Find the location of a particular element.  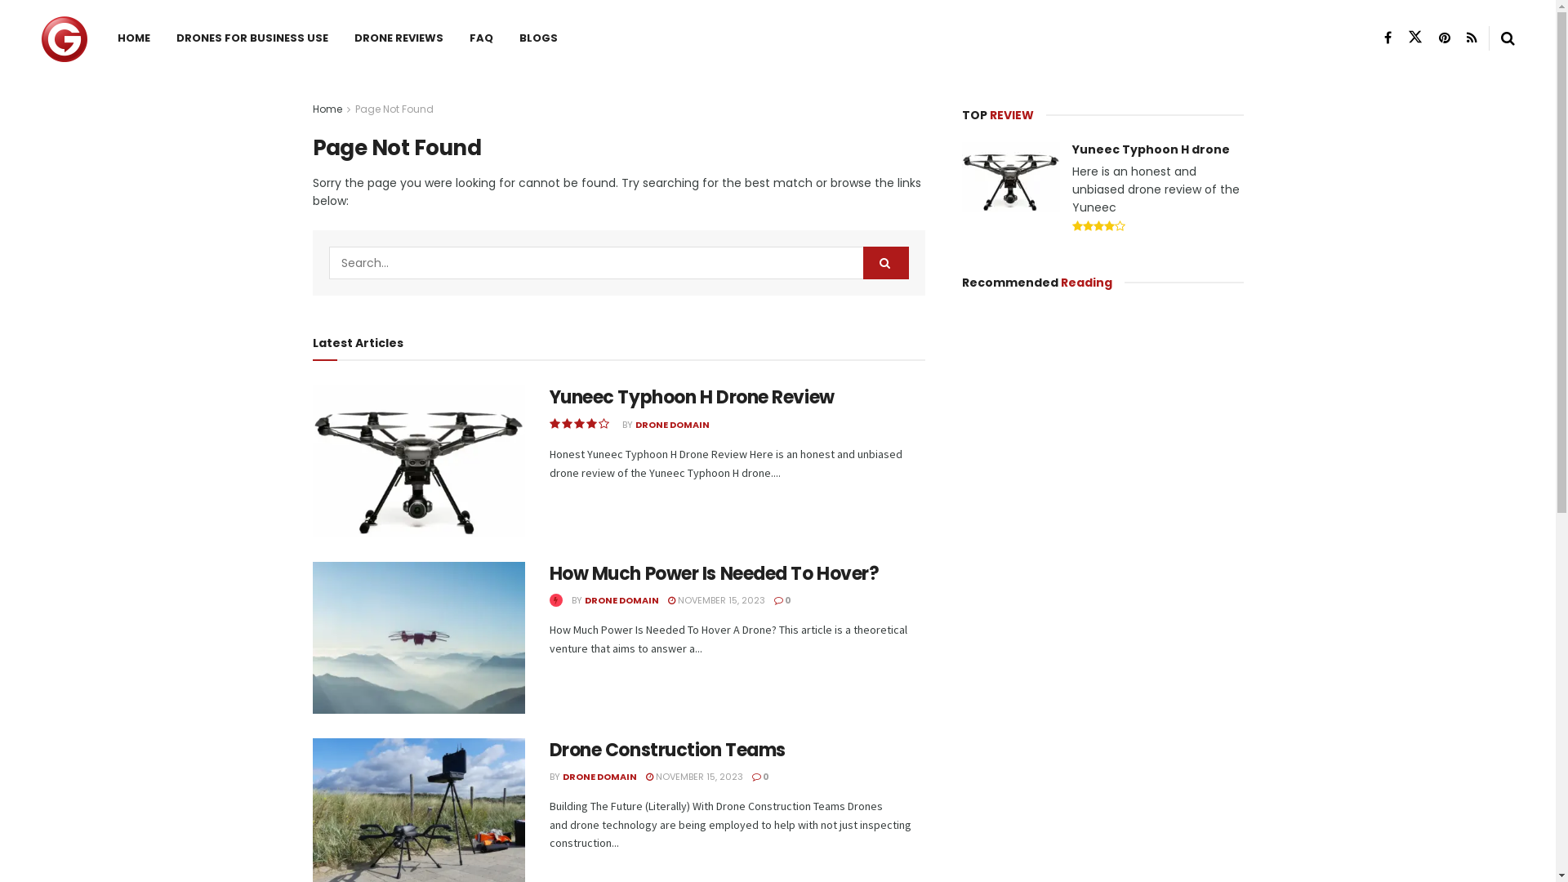

'Page Not Found' is located at coordinates (353, 109).